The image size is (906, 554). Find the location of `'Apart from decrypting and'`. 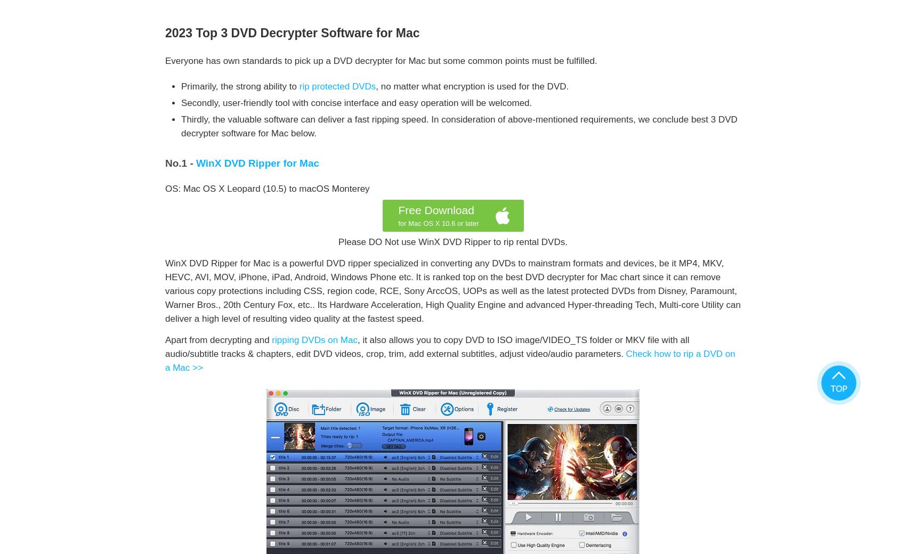

'Apart from decrypting and' is located at coordinates (218, 339).